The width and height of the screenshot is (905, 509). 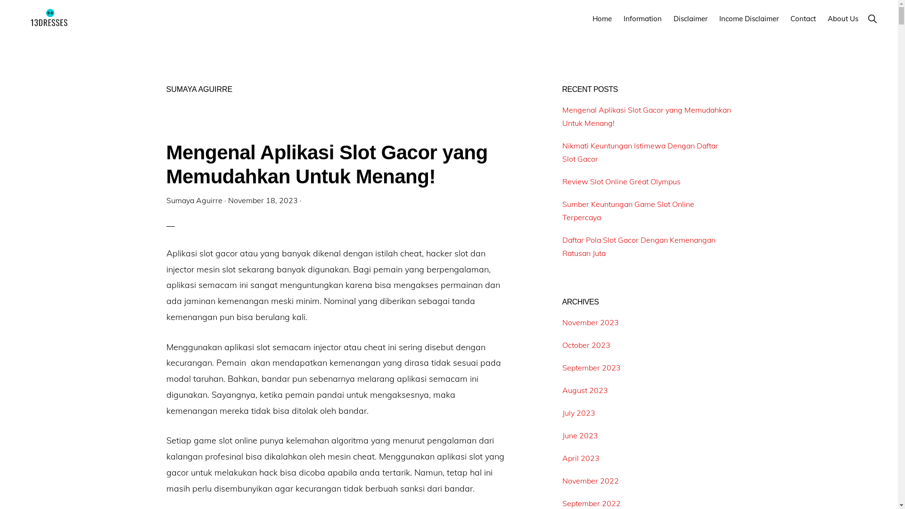 I want to click on 'October 2023', so click(x=561, y=345).